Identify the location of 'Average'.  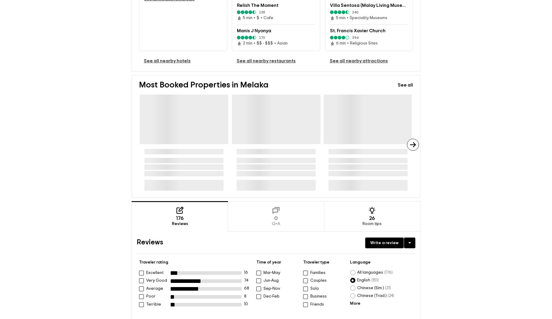
(155, 288).